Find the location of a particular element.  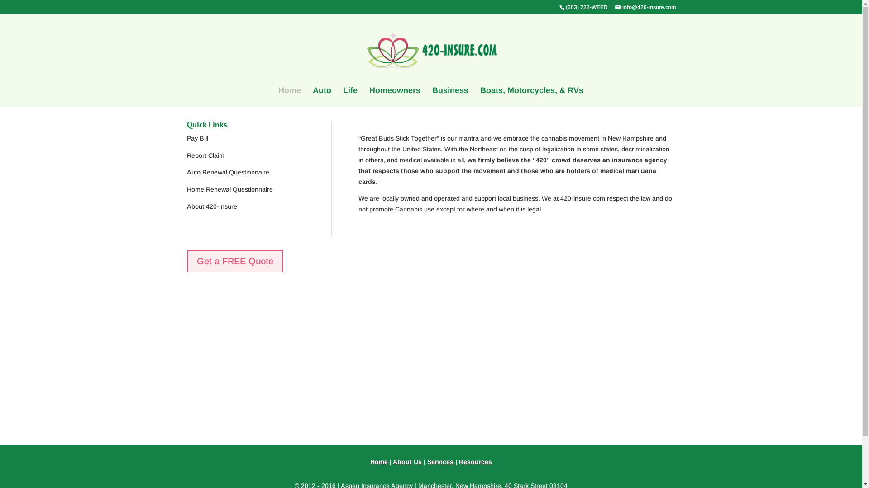

'Life' is located at coordinates (349, 97).